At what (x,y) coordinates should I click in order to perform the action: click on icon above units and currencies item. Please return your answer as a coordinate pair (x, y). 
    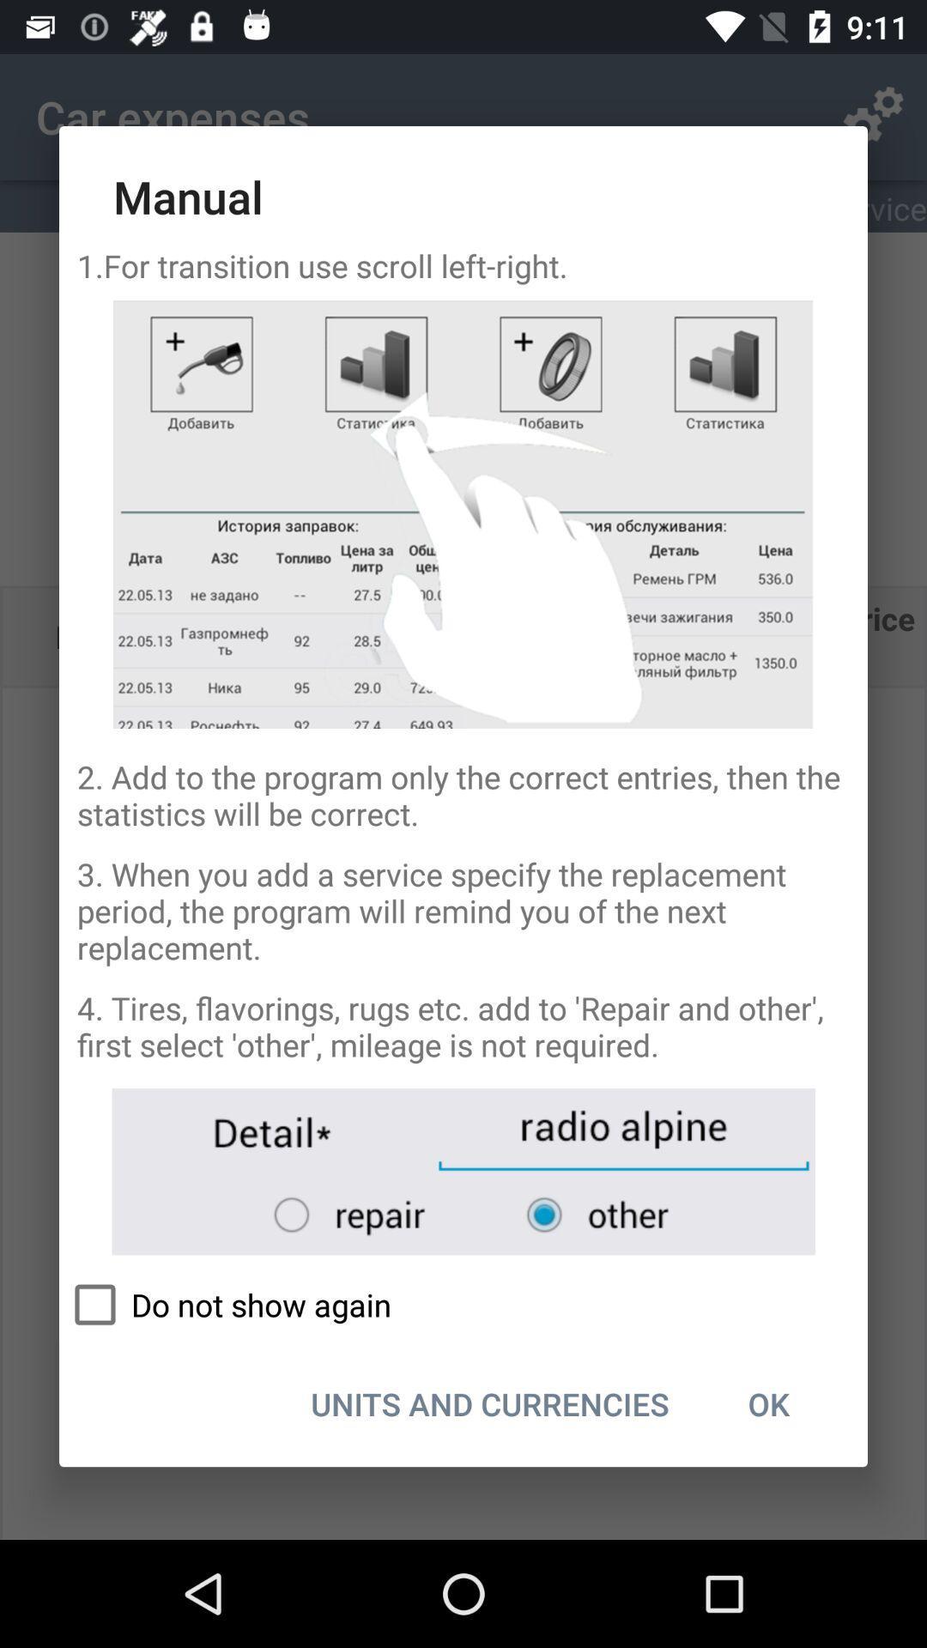
    Looking at the image, I should click on (463, 1305).